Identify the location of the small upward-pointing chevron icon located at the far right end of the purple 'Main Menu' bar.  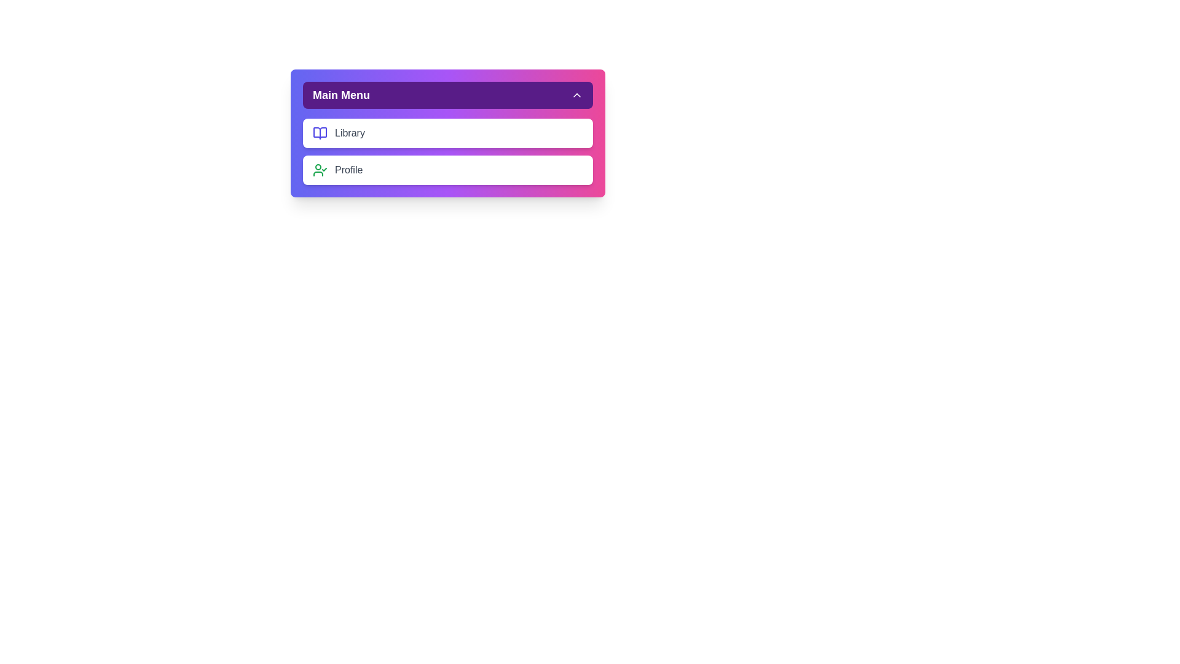
(576, 94).